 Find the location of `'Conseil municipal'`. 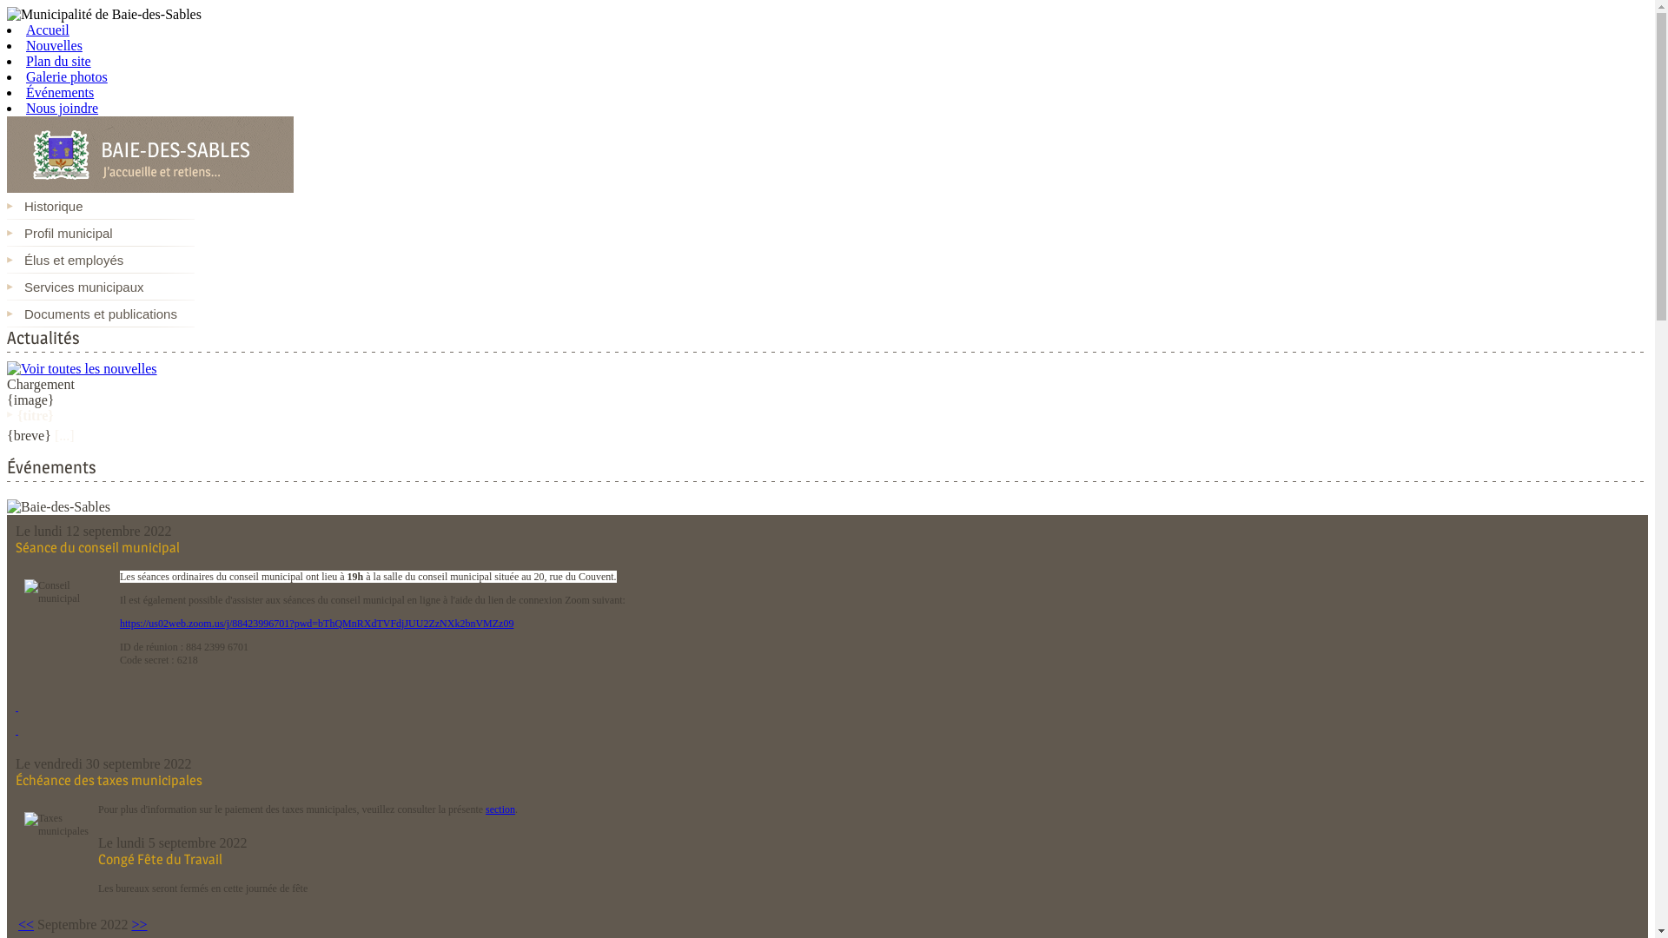

'Conseil municipal' is located at coordinates (67, 614).